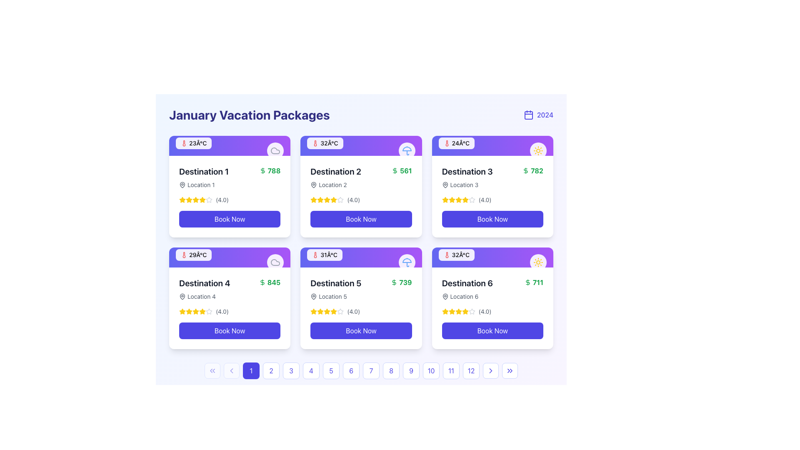 The width and height of the screenshot is (800, 450). What do you see at coordinates (327, 311) in the screenshot?
I see `the third rating star icon in the 'Destination 5' card to update the rating` at bounding box center [327, 311].